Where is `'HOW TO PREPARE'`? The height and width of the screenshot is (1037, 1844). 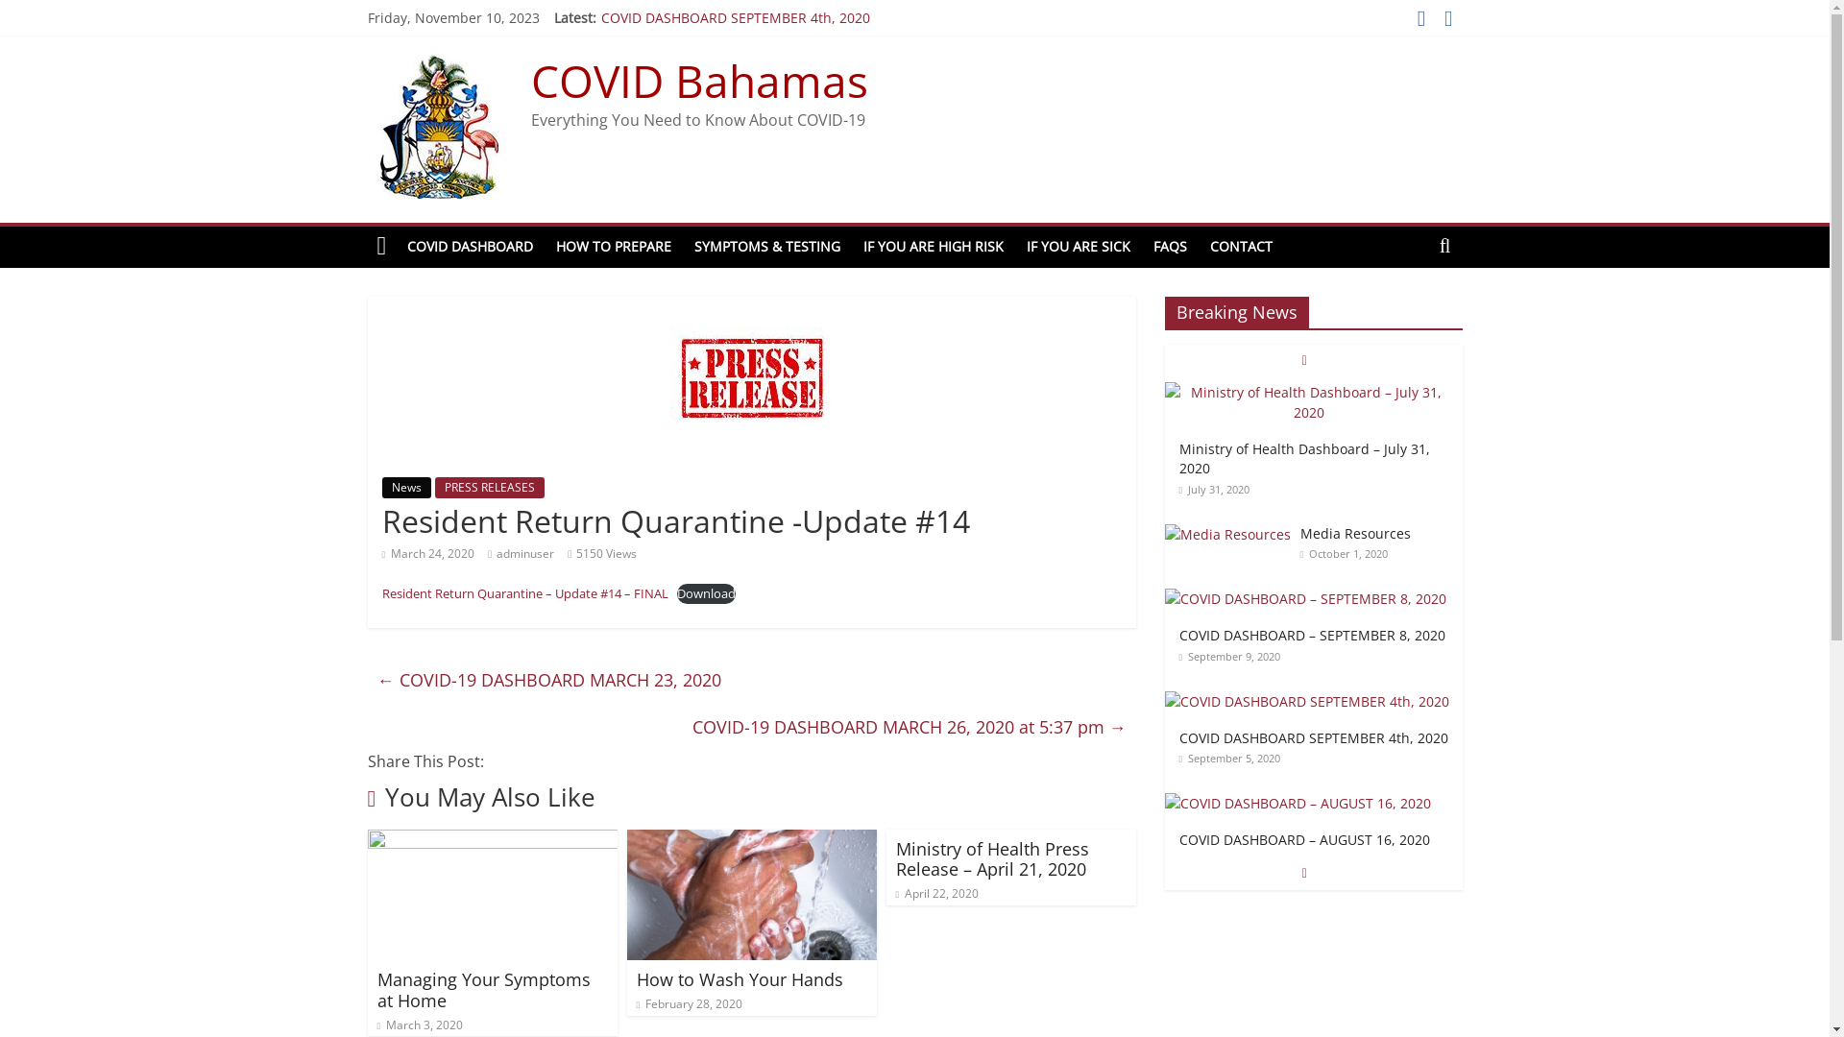
'HOW TO PREPARE' is located at coordinates (543, 246).